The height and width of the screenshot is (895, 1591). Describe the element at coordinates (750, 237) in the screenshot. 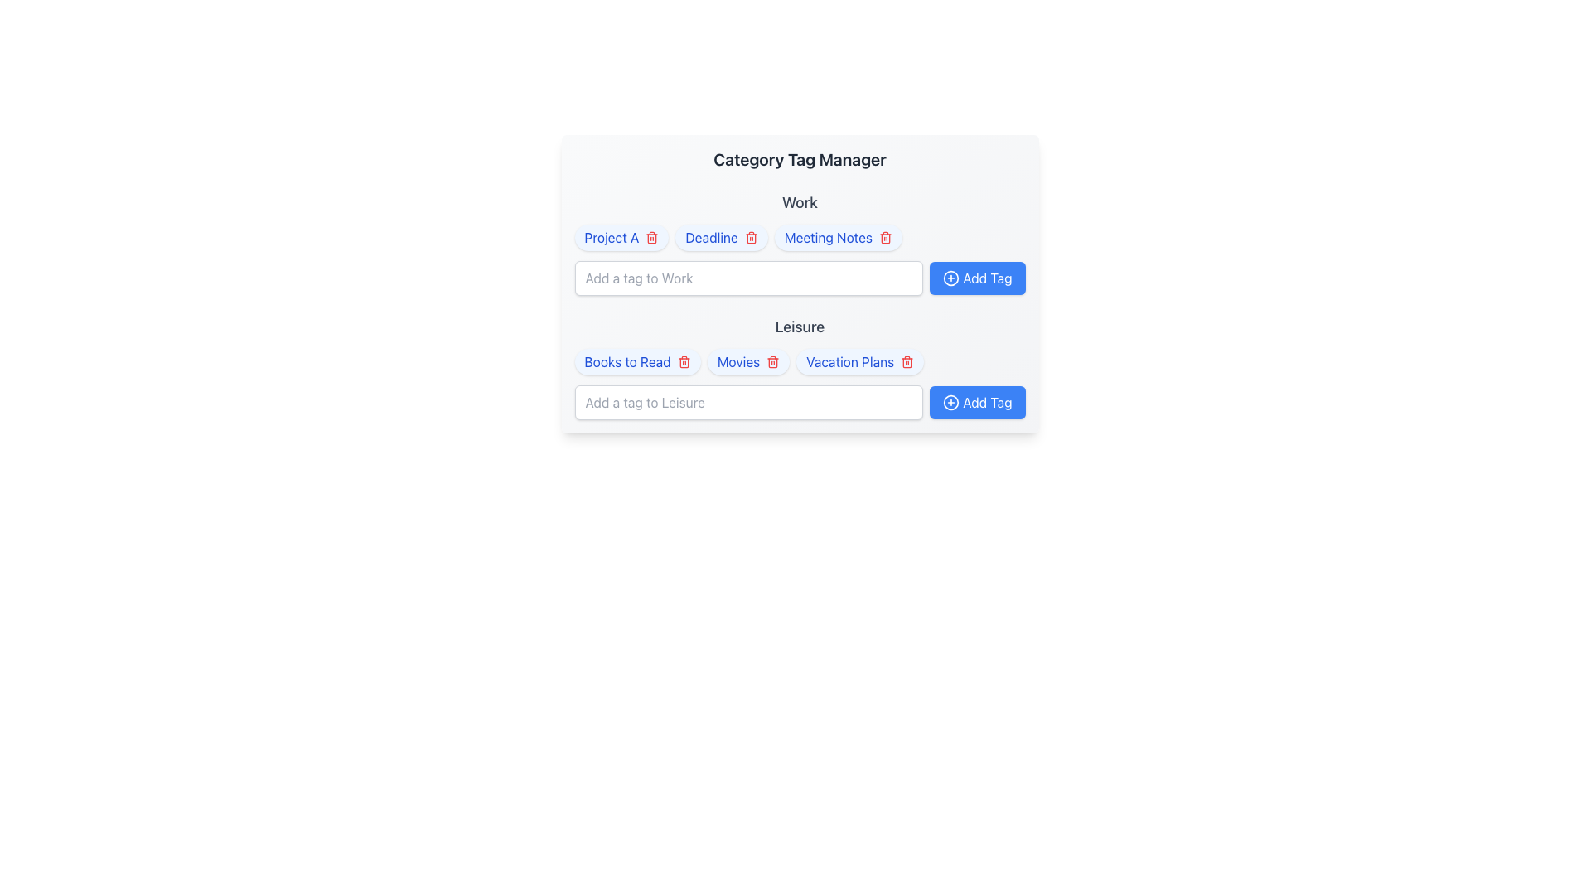

I see `the small red trash icon button located to the immediate right of the 'Deadline' text` at that location.